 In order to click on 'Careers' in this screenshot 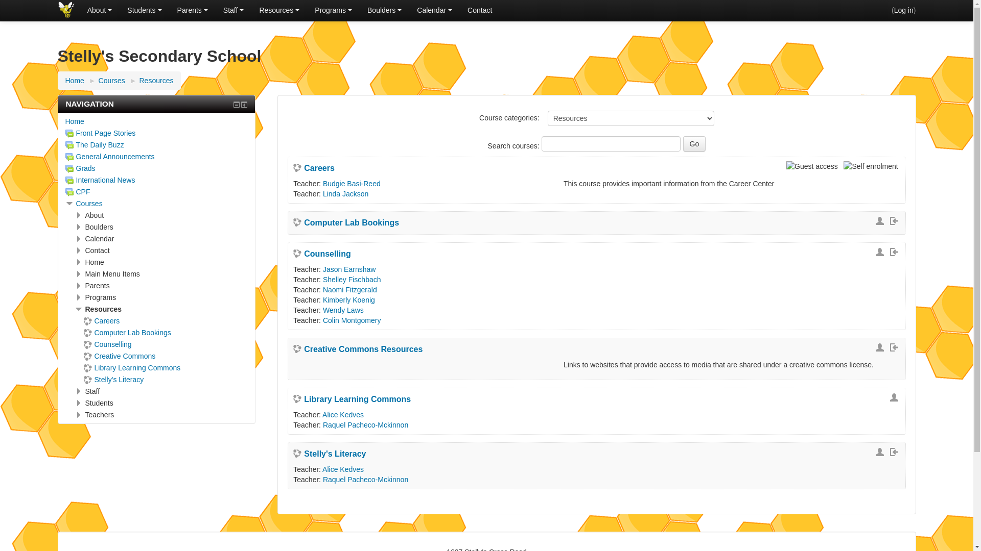, I will do `click(313, 168)`.